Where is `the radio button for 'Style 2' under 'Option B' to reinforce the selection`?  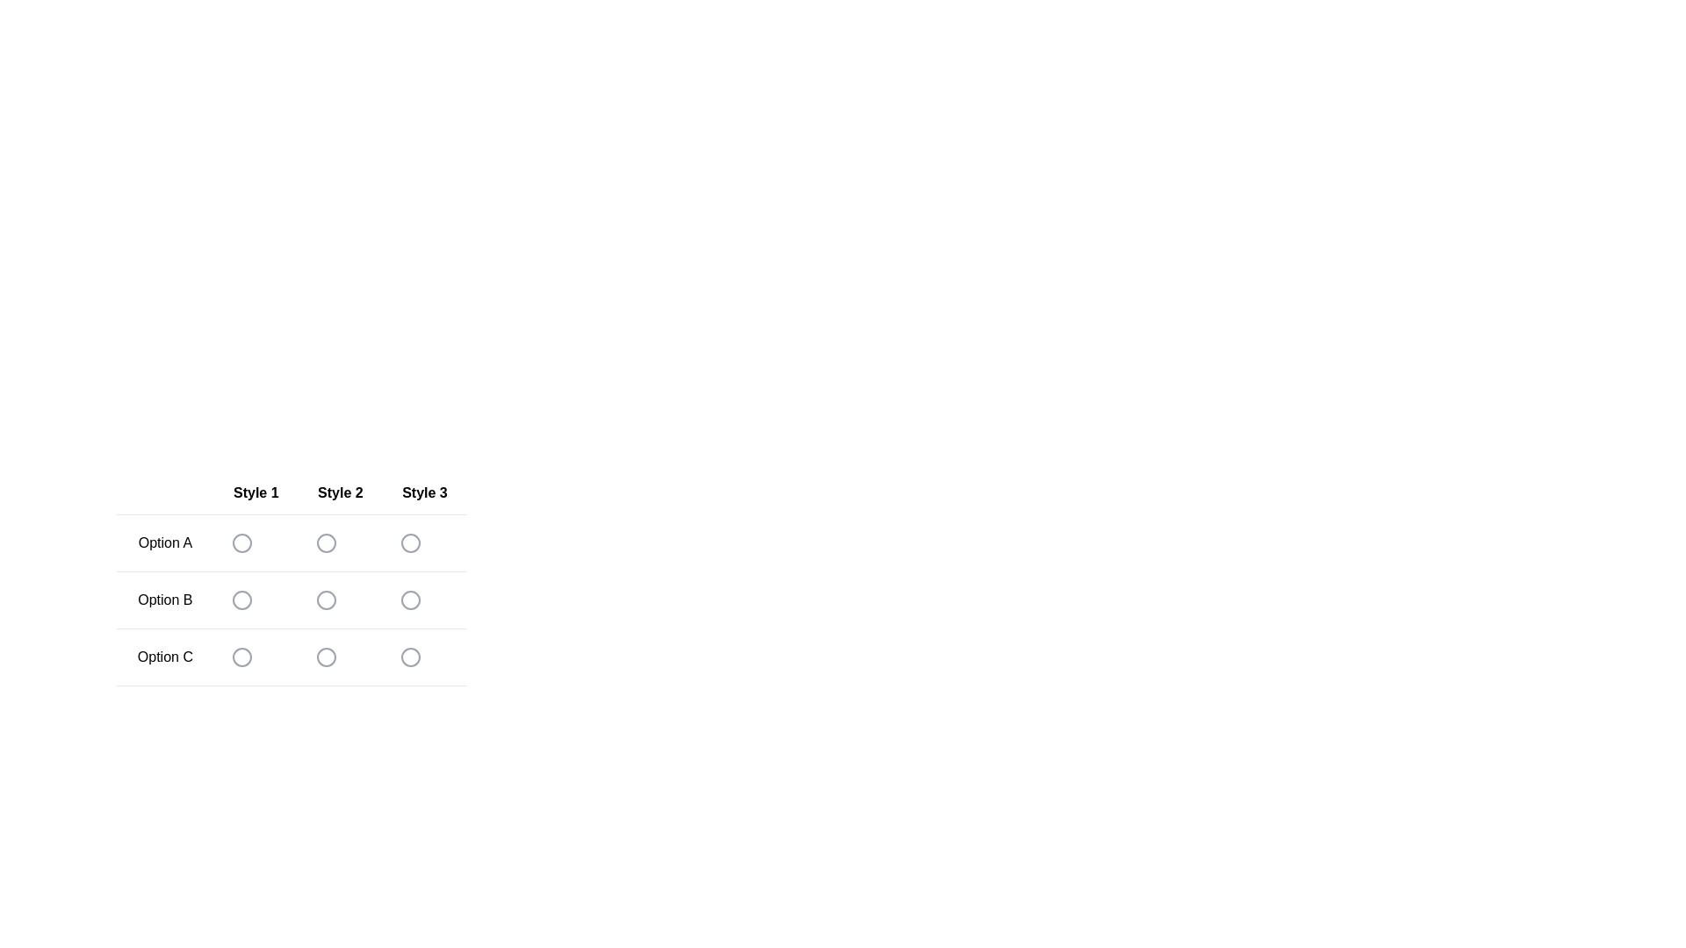 the radio button for 'Style 2' under 'Option B' to reinforce the selection is located at coordinates (340, 599).